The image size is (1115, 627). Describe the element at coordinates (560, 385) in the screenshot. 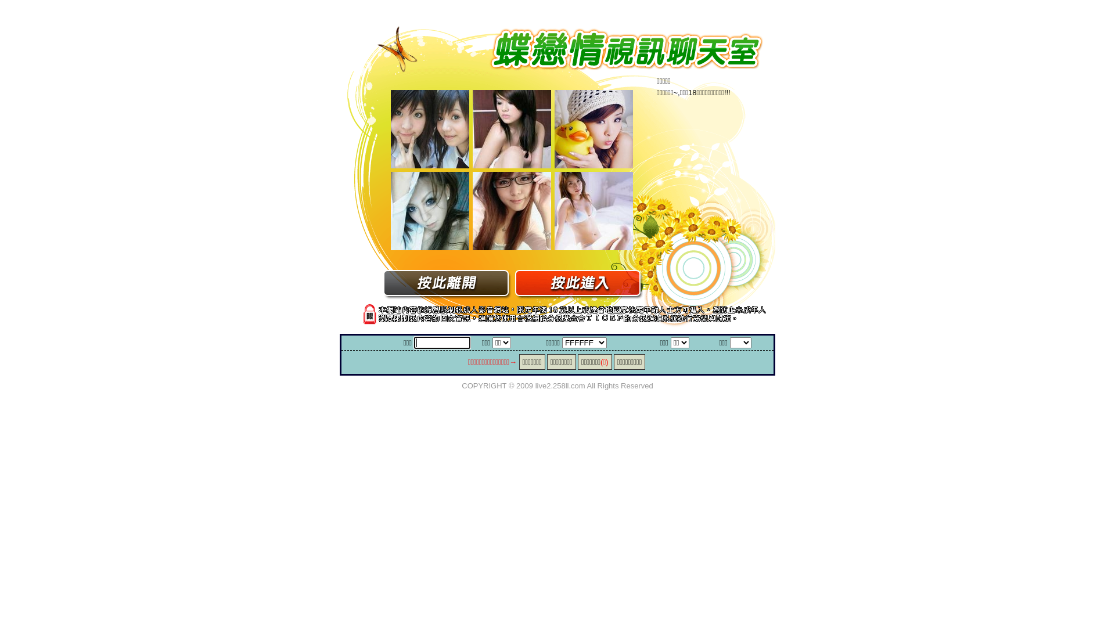

I see `'live2.258ll.com'` at that location.